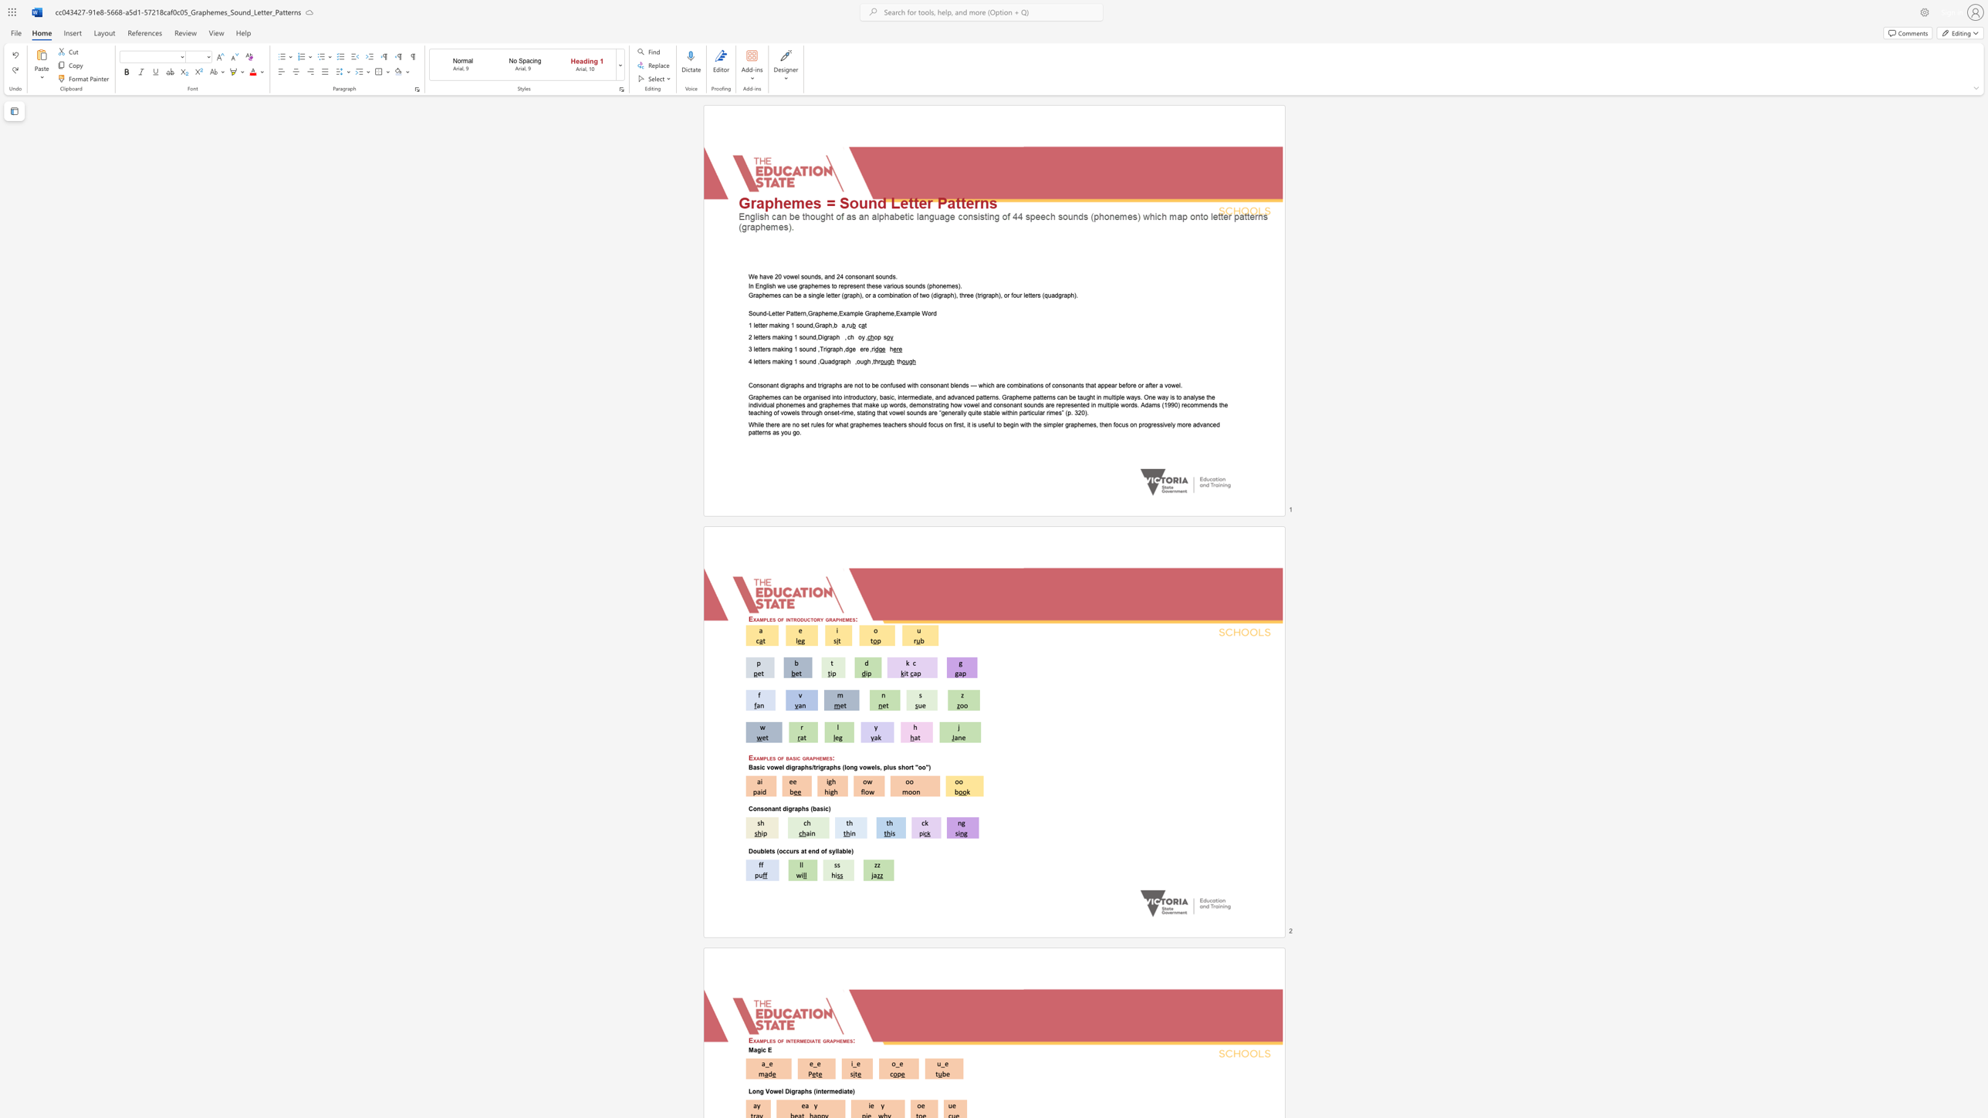 The height and width of the screenshot is (1118, 1988). What do you see at coordinates (817, 1090) in the screenshot?
I see `the space between the continuous character "i" and "n" in the text` at bounding box center [817, 1090].